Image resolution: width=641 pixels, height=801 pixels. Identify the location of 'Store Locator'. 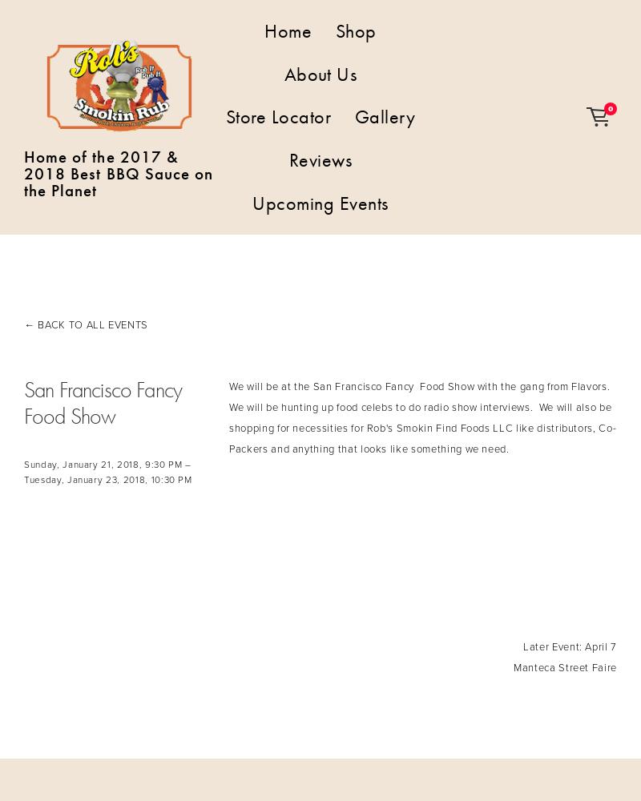
(277, 116).